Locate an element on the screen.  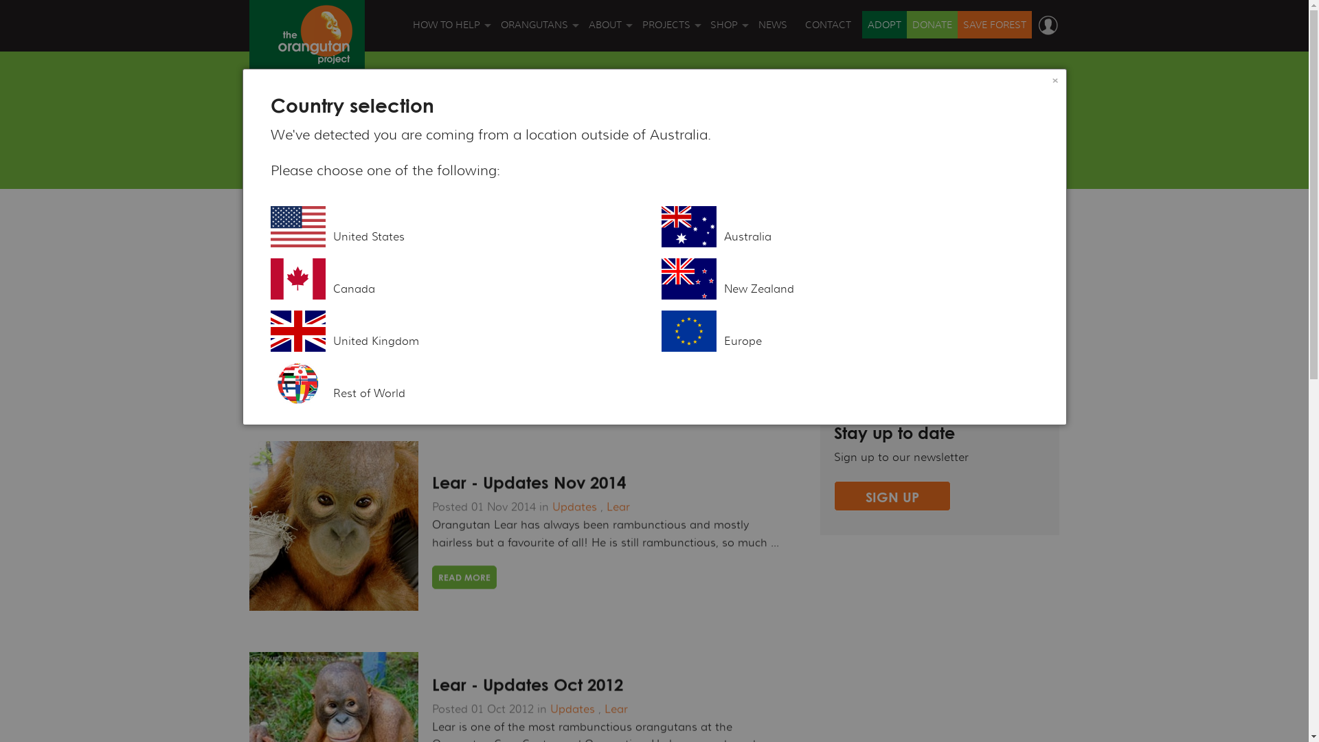
'SIGN UP' is located at coordinates (892, 495).